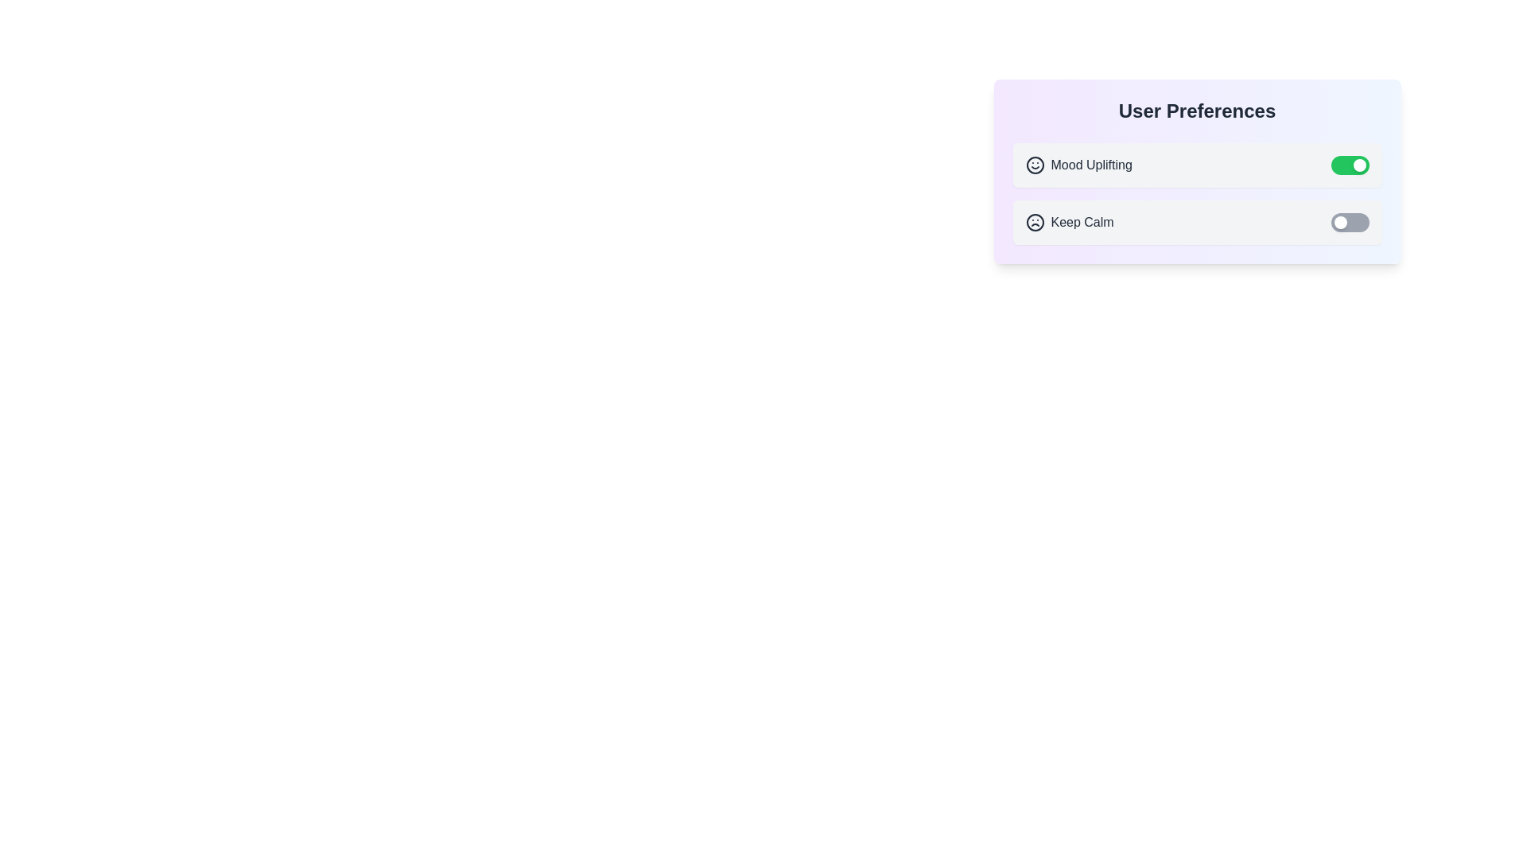  Describe the element at coordinates (1035, 223) in the screenshot. I see `the frowning face icon with a circular outline, located in the 'Keep Calm' row below the 'Mood Uplifting' row in the 'User Preferences' panel` at that location.